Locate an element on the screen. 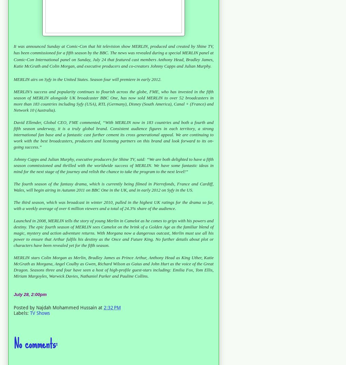  'Labels:' is located at coordinates (21, 312).